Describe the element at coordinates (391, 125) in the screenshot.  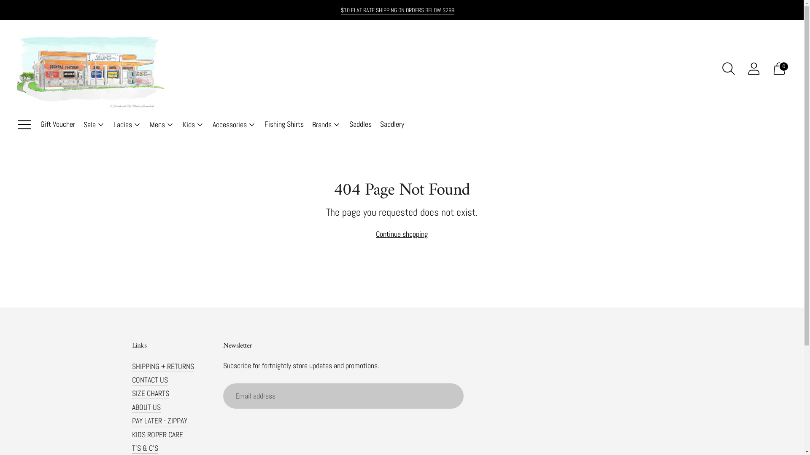
I see `'Saddlery'` at that location.